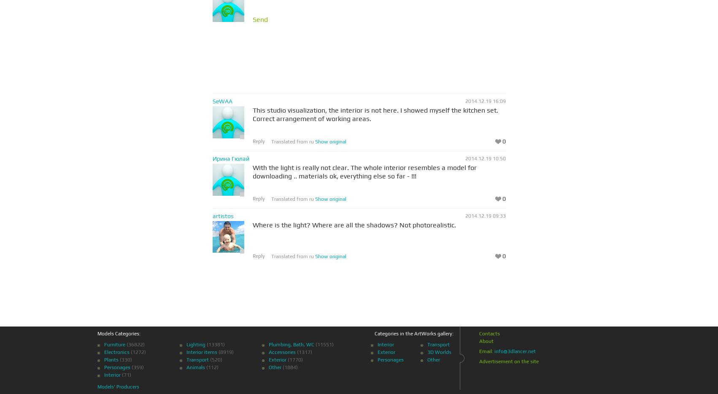 Image resolution: width=718 pixels, height=394 pixels. I want to click on '2014.12.19 10:50', so click(464, 158).